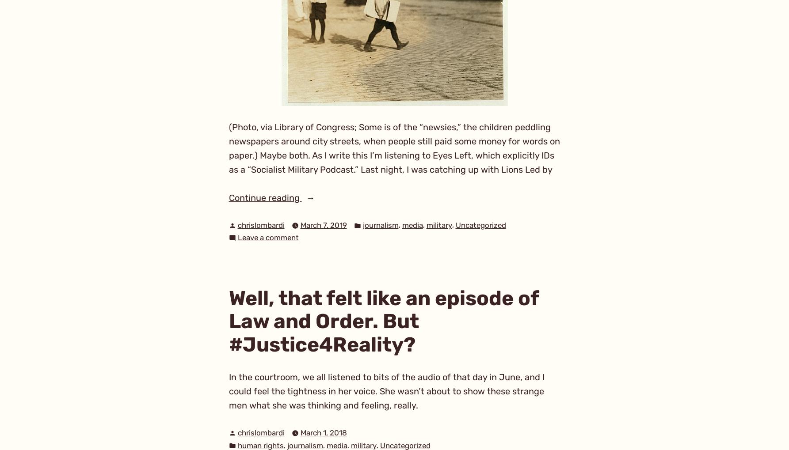 This screenshot has height=450, width=789. What do you see at coordinates (386, 391) in the screenshot?
I see `'In the courtroom, we all listened to bits of the audio of that day in June, and I could feel the tightness in her voice. She wasn’t about to show these strange men what she was thinking and feeling, really.'` at bounding box center [386, 391].